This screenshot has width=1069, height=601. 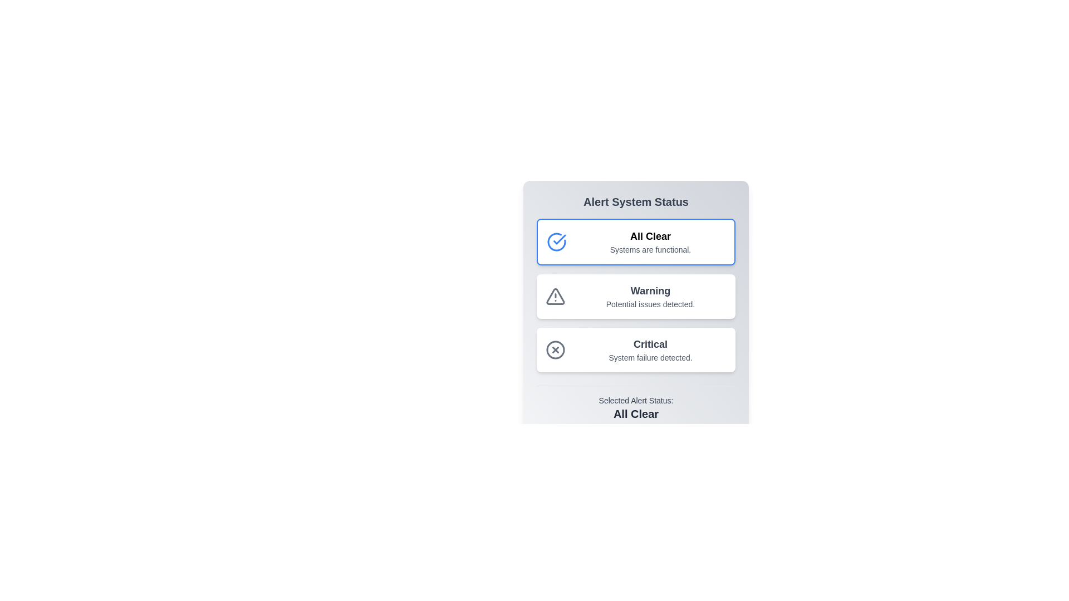 What do you see at coordinates (556, 349) in the screenshot?
I see `the outer circular outline of the cross icon in the 'Critical' alert option within the 'Alert System Status' panel` at bounding box center [556, 349].